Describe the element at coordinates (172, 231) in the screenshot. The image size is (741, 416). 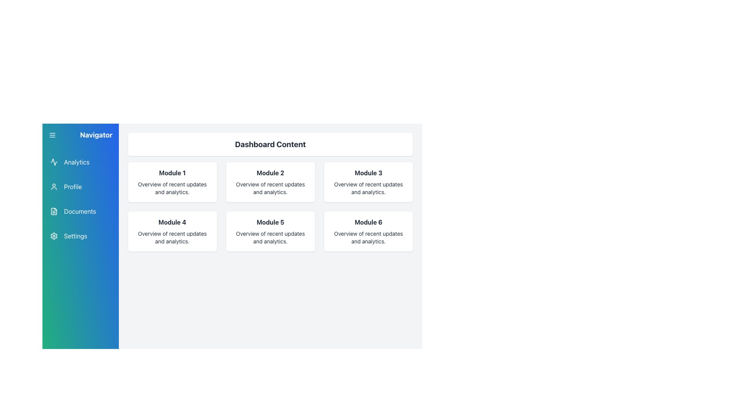
I see `the first Informative Card in the second row of the dashboard` at that location.